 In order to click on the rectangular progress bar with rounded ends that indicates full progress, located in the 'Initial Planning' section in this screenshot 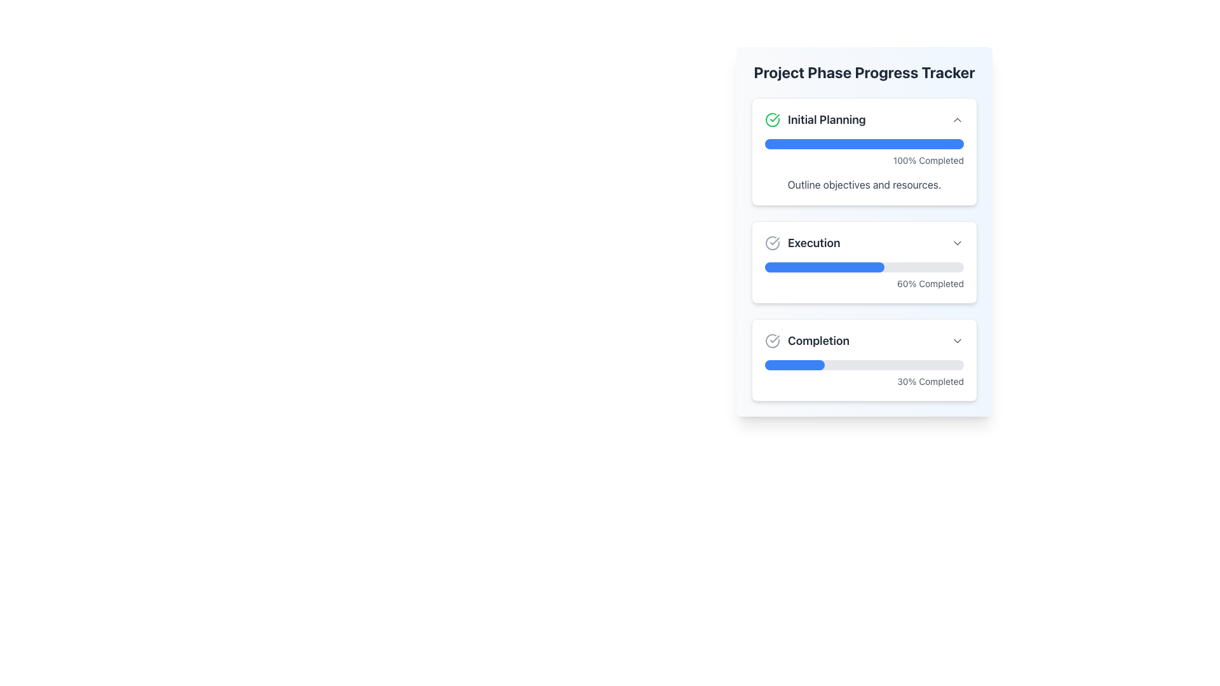, I will do `click(864, 144)`.